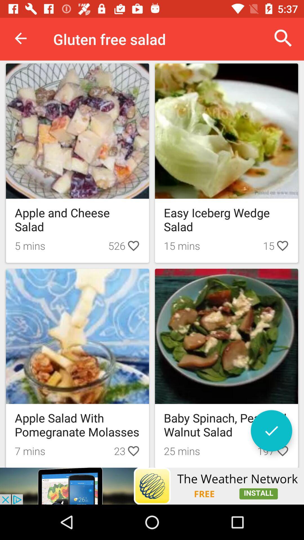 This screenshot has width=304, height=540. What do you see at coordinates (152, 486) in the screenshot?
I see `advertisement click to install the weather network app` at bounding box center [152, 486].